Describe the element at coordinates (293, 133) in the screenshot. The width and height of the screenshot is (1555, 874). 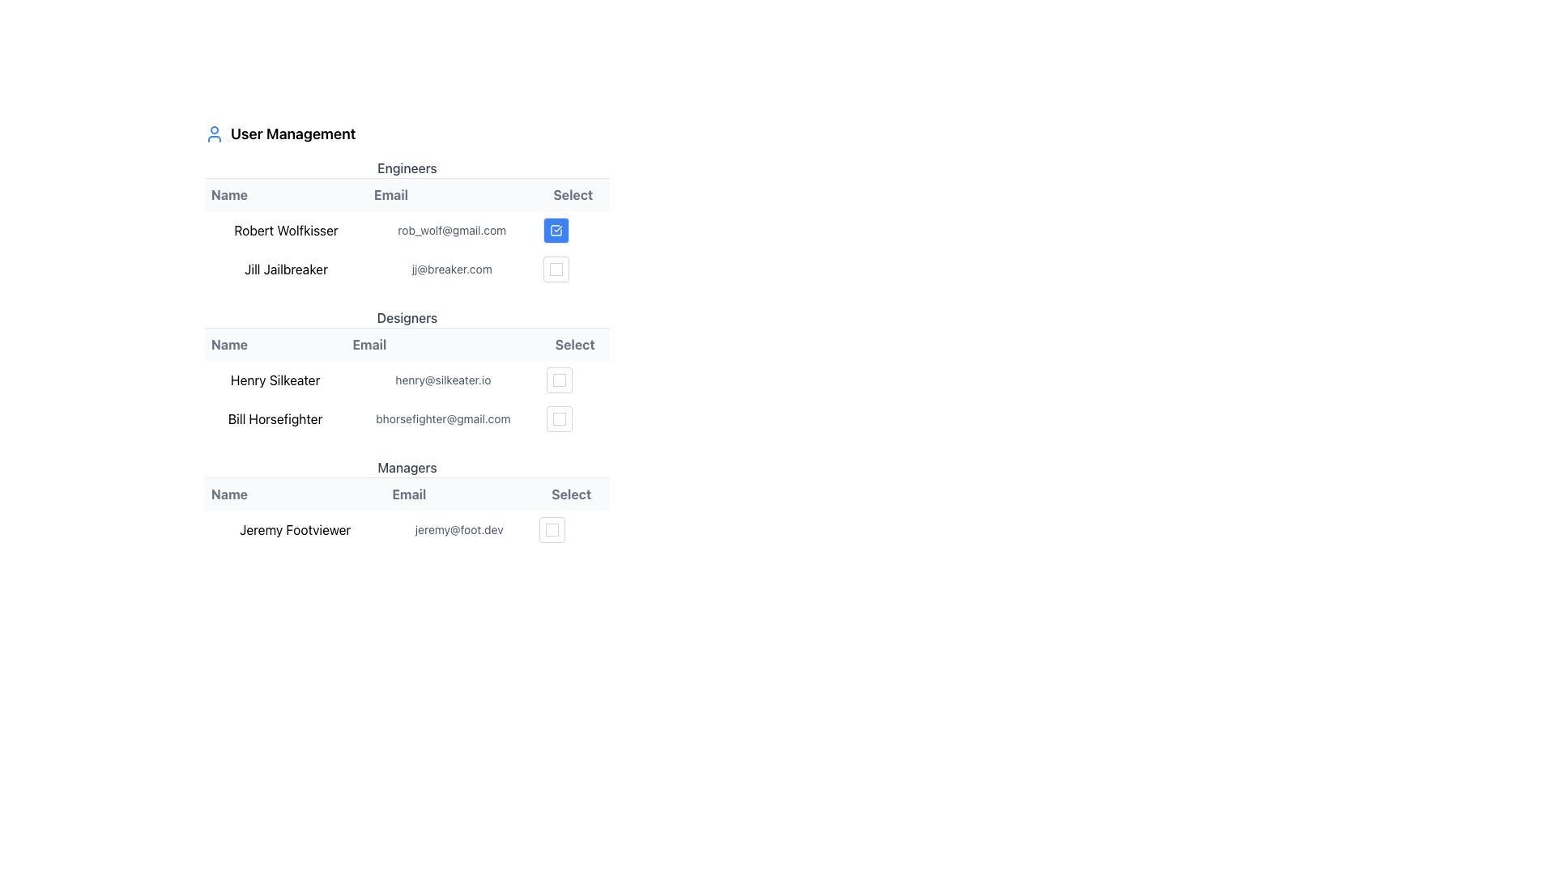
I see `text from the header label indicating the context of user management, which is positioned to the right of the user icon and above the section titled 'Engineers'` at that location.